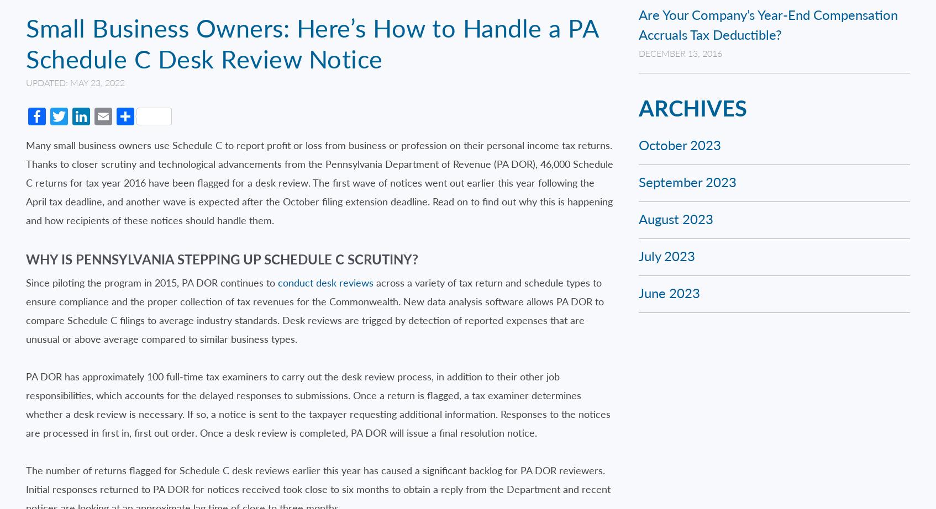  I want to click on 'Small Business Owners: Here’s How to Handle a PA Schedule C Desk Review Notice', so click(25, 43).